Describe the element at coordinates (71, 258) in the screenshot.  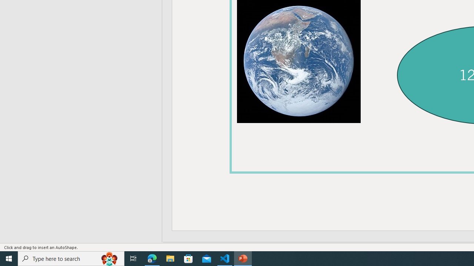
I see `'Type here to search'` at that location.